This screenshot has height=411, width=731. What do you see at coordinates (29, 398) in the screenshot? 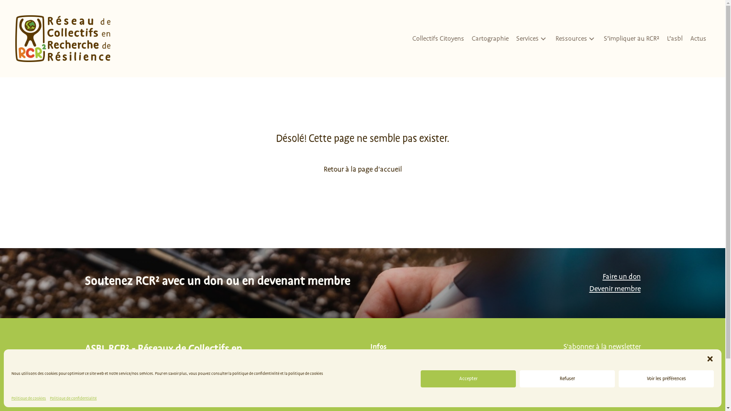
I see `'Politique de cookies'` at bounding box center [29, 398].